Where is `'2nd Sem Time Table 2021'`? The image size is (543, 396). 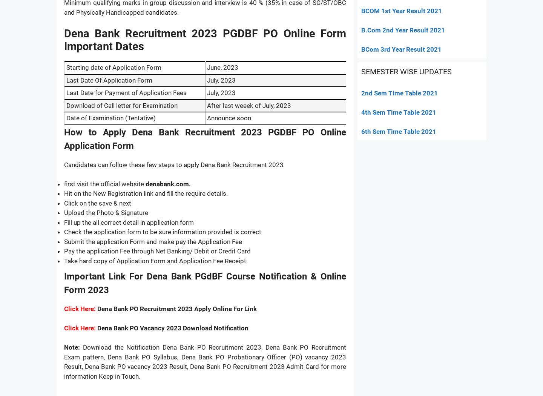
'2nd Sem Time Table 2021' is located at coordinates (399, 93).